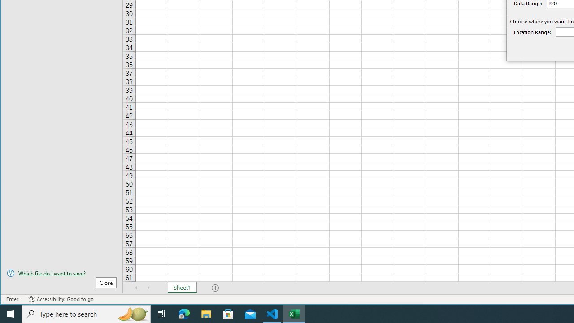 This screenshot has width=574, height=323. Describe the element at coordinates (216, 288) in the screenshot. I see `'Add Sheet'` at that location.